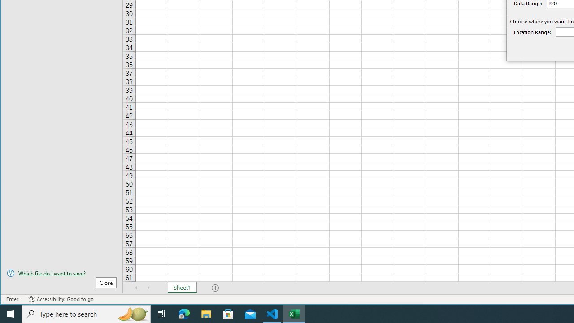 This screenshot has width=574, height=323. Describe the element at coordinates (216, 288) in the screenshot. I see `'Add Sheet'` at that location.